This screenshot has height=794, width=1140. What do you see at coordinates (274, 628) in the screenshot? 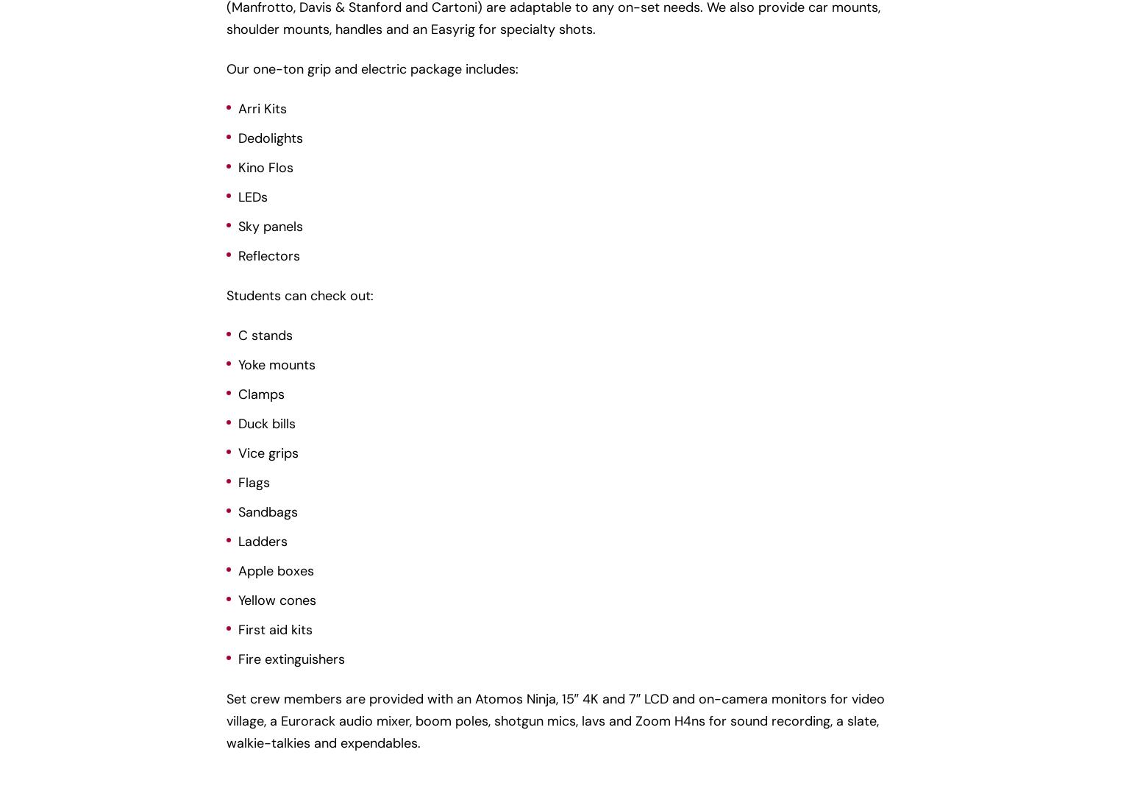
I see `'First aid kits'` at bounding box center [274, 628].